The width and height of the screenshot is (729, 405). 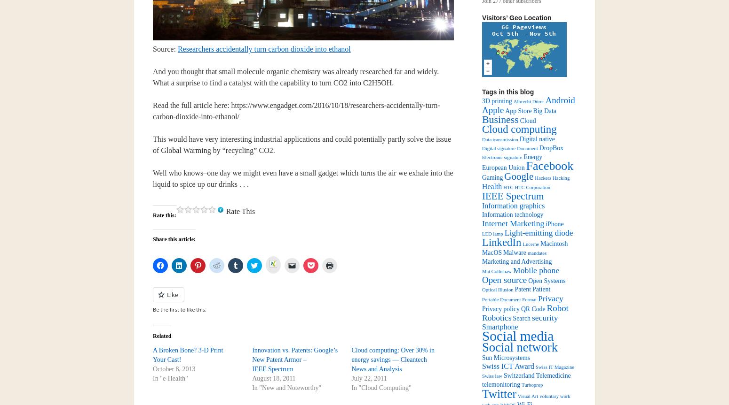 What do you see at coordinates (482, 205) in the screenshot?
I see `'Information graphics'` at bounding box center [482, 205].